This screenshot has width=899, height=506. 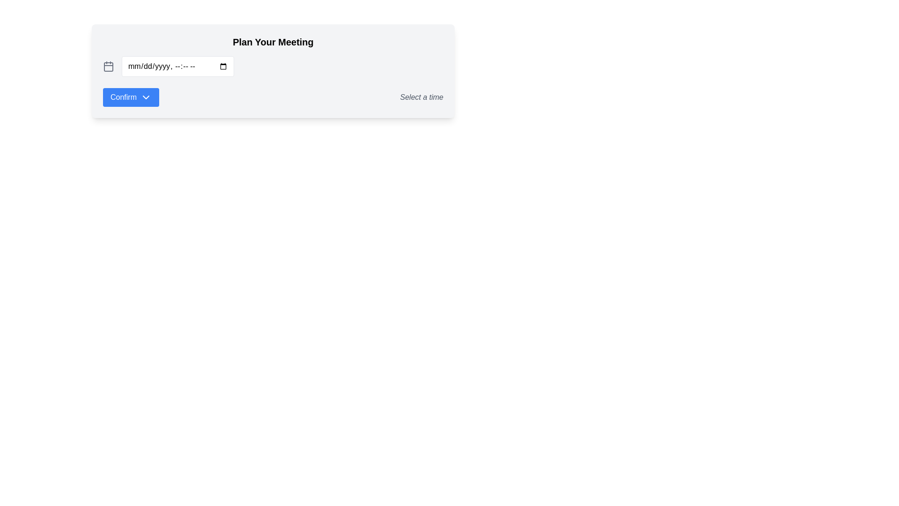 I want to click on the 'Confirm' button, a blue rectangular button with rounded corners containing white text and a downward pointing arrow icon, so click(x=130, y=97).